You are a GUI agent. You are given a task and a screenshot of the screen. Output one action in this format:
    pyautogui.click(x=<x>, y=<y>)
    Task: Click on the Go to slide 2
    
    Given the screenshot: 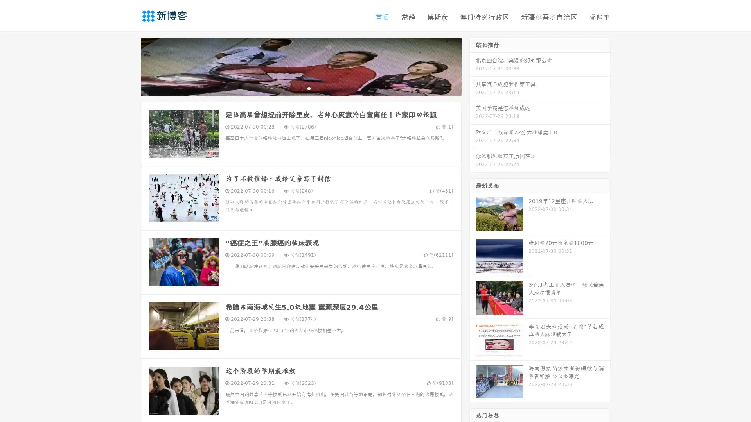 What is the action you would take?
    pyautogui.click(x=300, y=88)
    